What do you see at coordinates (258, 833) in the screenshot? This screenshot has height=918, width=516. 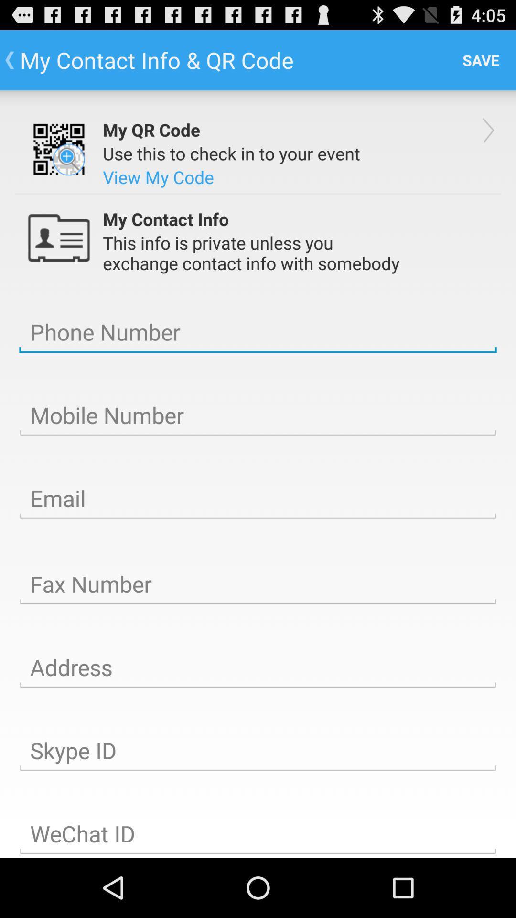 I see `wechat id` at bounding box center [258, 833].